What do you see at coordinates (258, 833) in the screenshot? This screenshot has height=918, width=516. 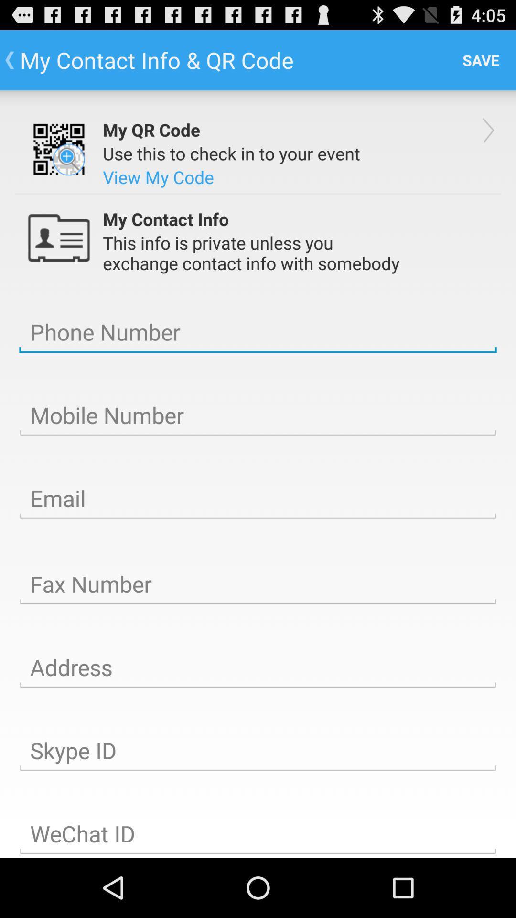 I see `wechat id` at bounding box center [258, 833].